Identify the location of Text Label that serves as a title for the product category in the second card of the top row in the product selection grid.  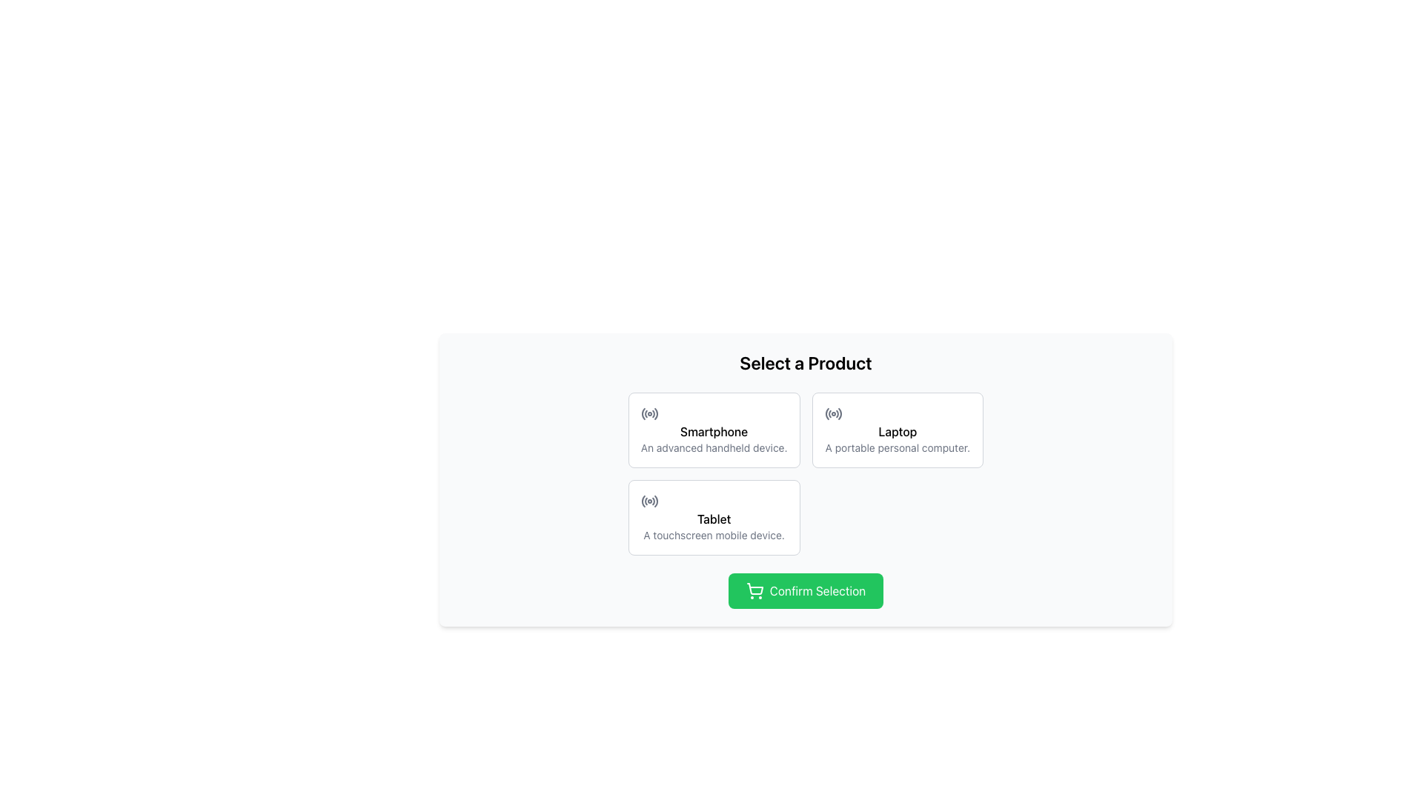
(897, 431).